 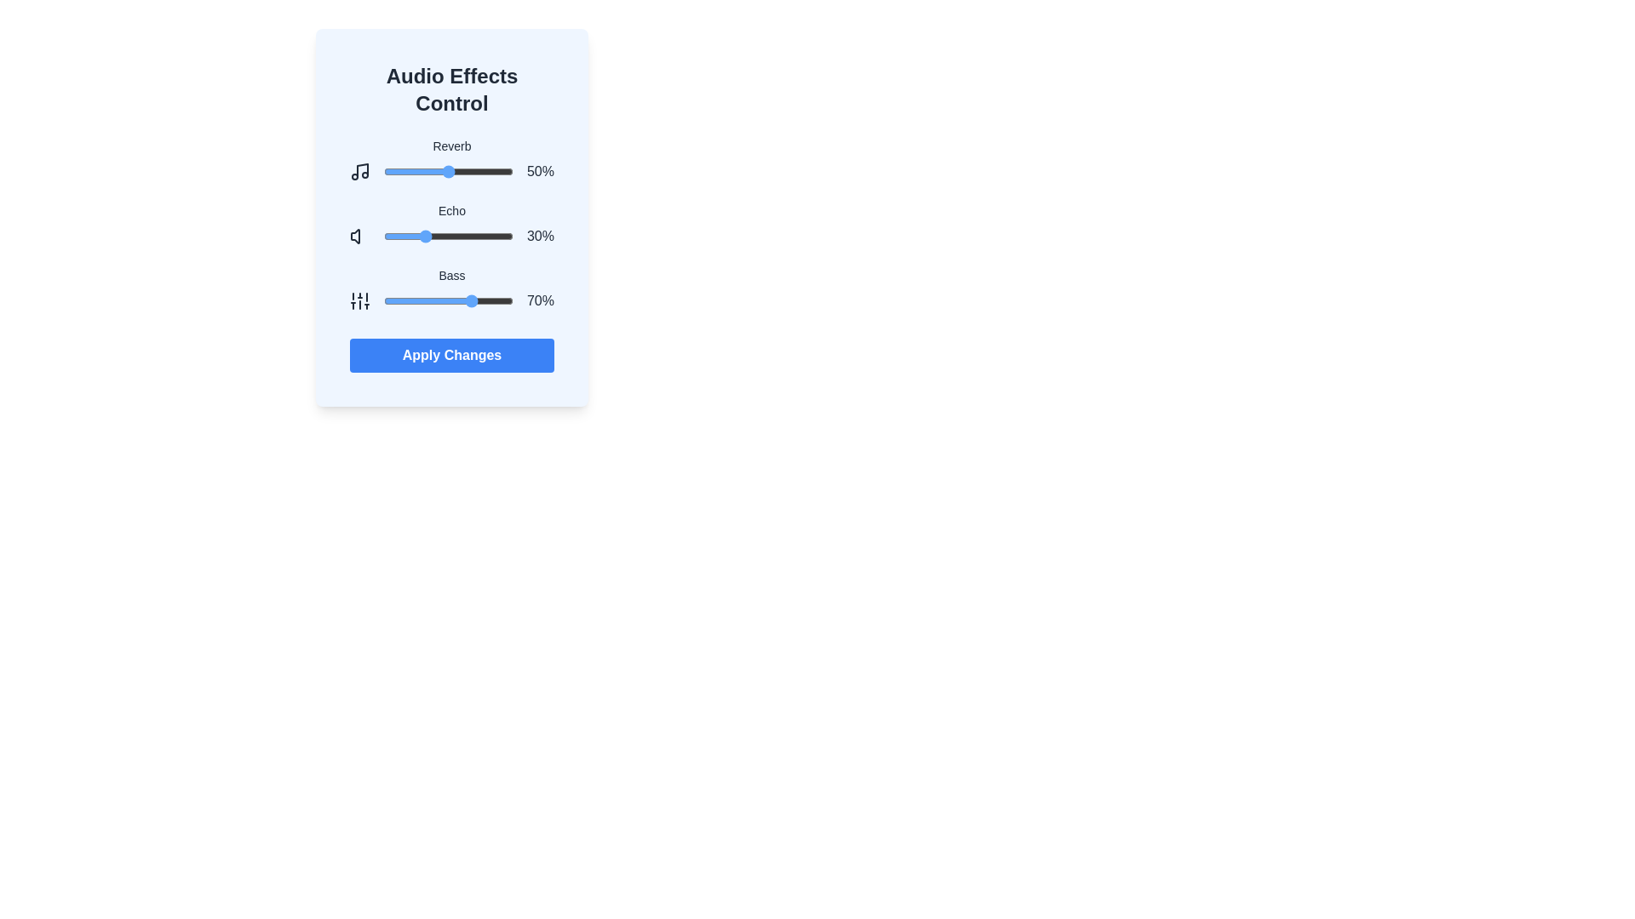 What do you see at coordinates (404, 300) in the screenshot?
I see `the bass effect` at bounding box center [404, 300].